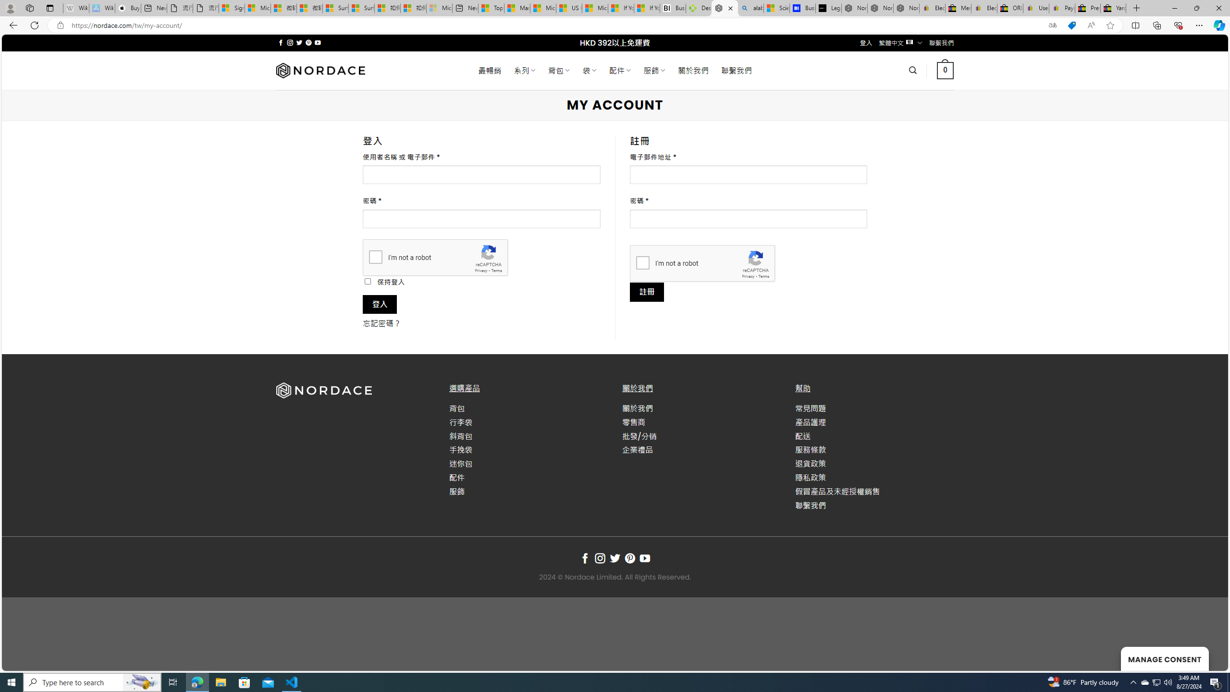 Image resolution: width=1230 pixels, height=692 pixels. I want to click on '  0  ', so click(944, 70).